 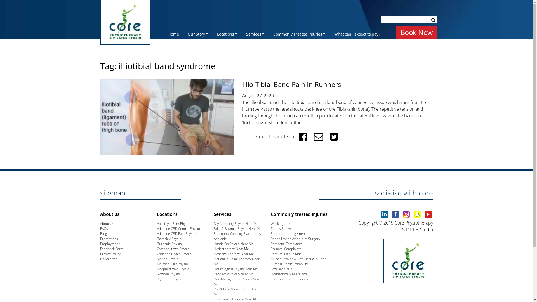 I want to click on 'Book Now', so click(x=416, y=32).